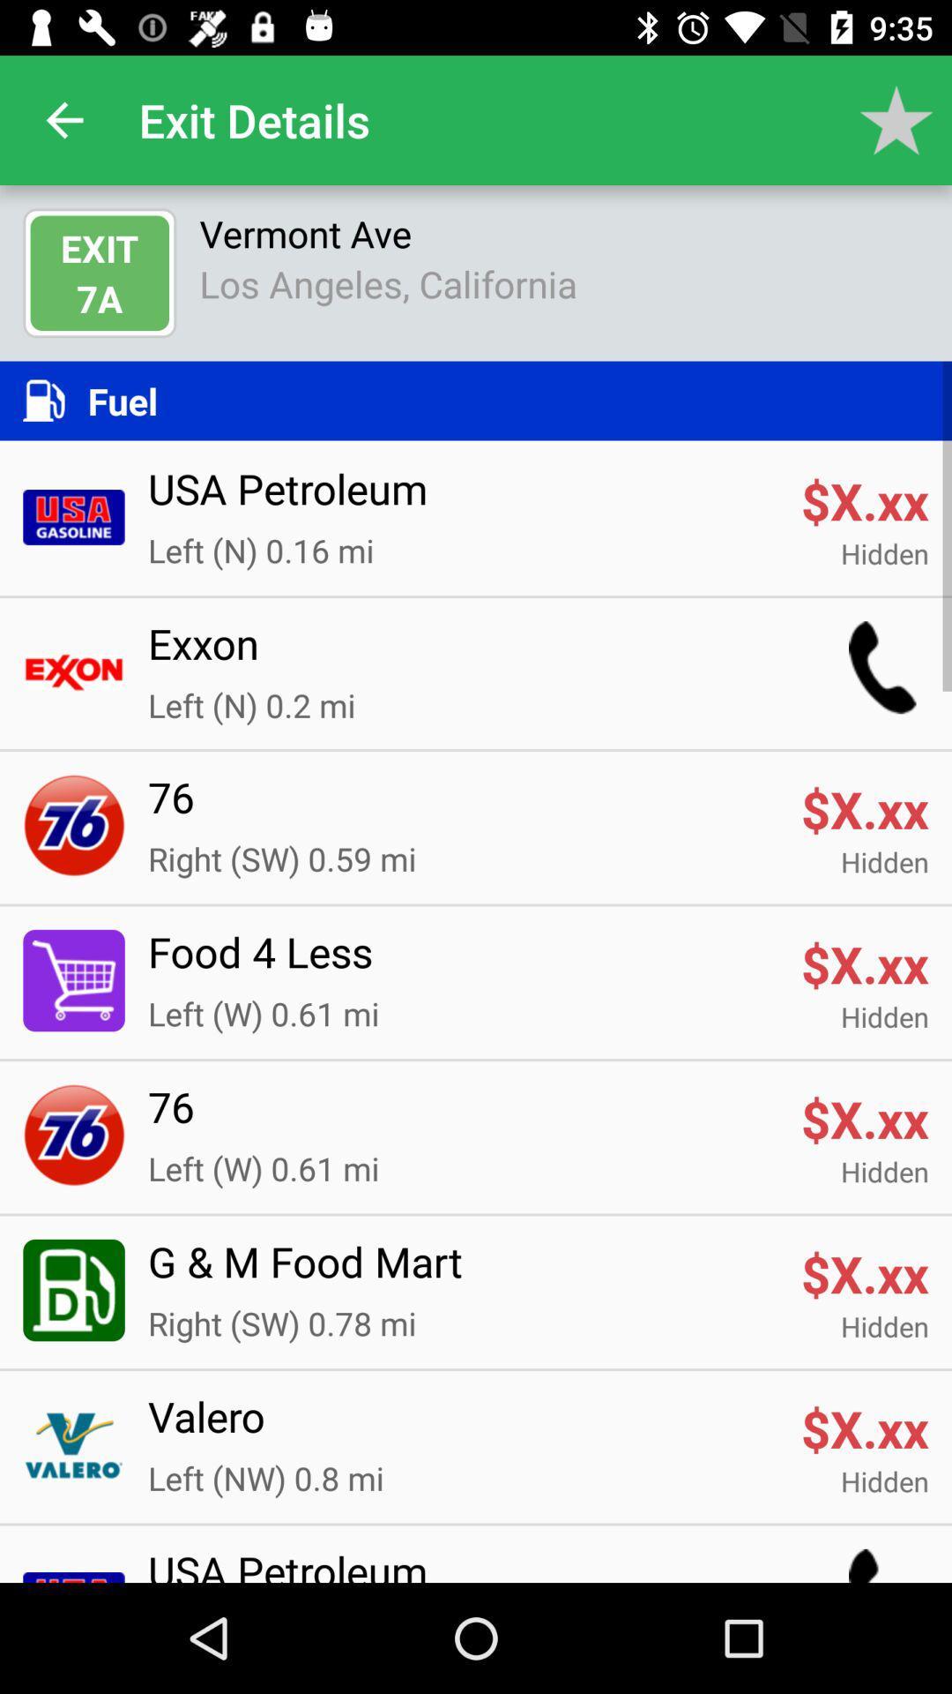 The width and height of the screenshot is (952, 1694). I want to click on the item to the left of exit details item, so click(63, 119).